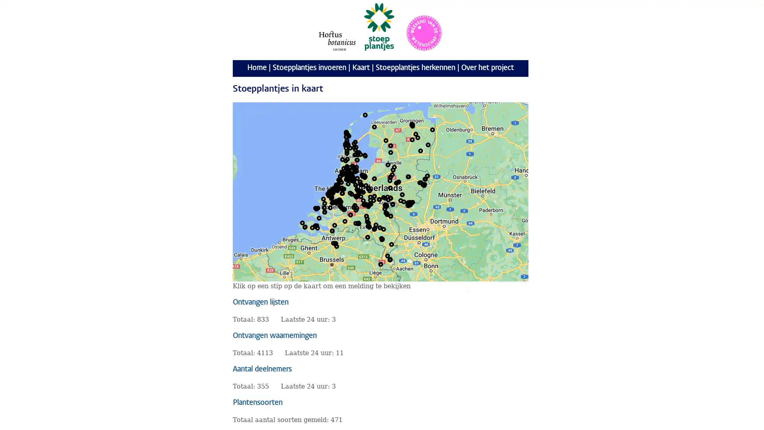  I want to click on Telling van op 06 oktober 2021, so click(355, 147).